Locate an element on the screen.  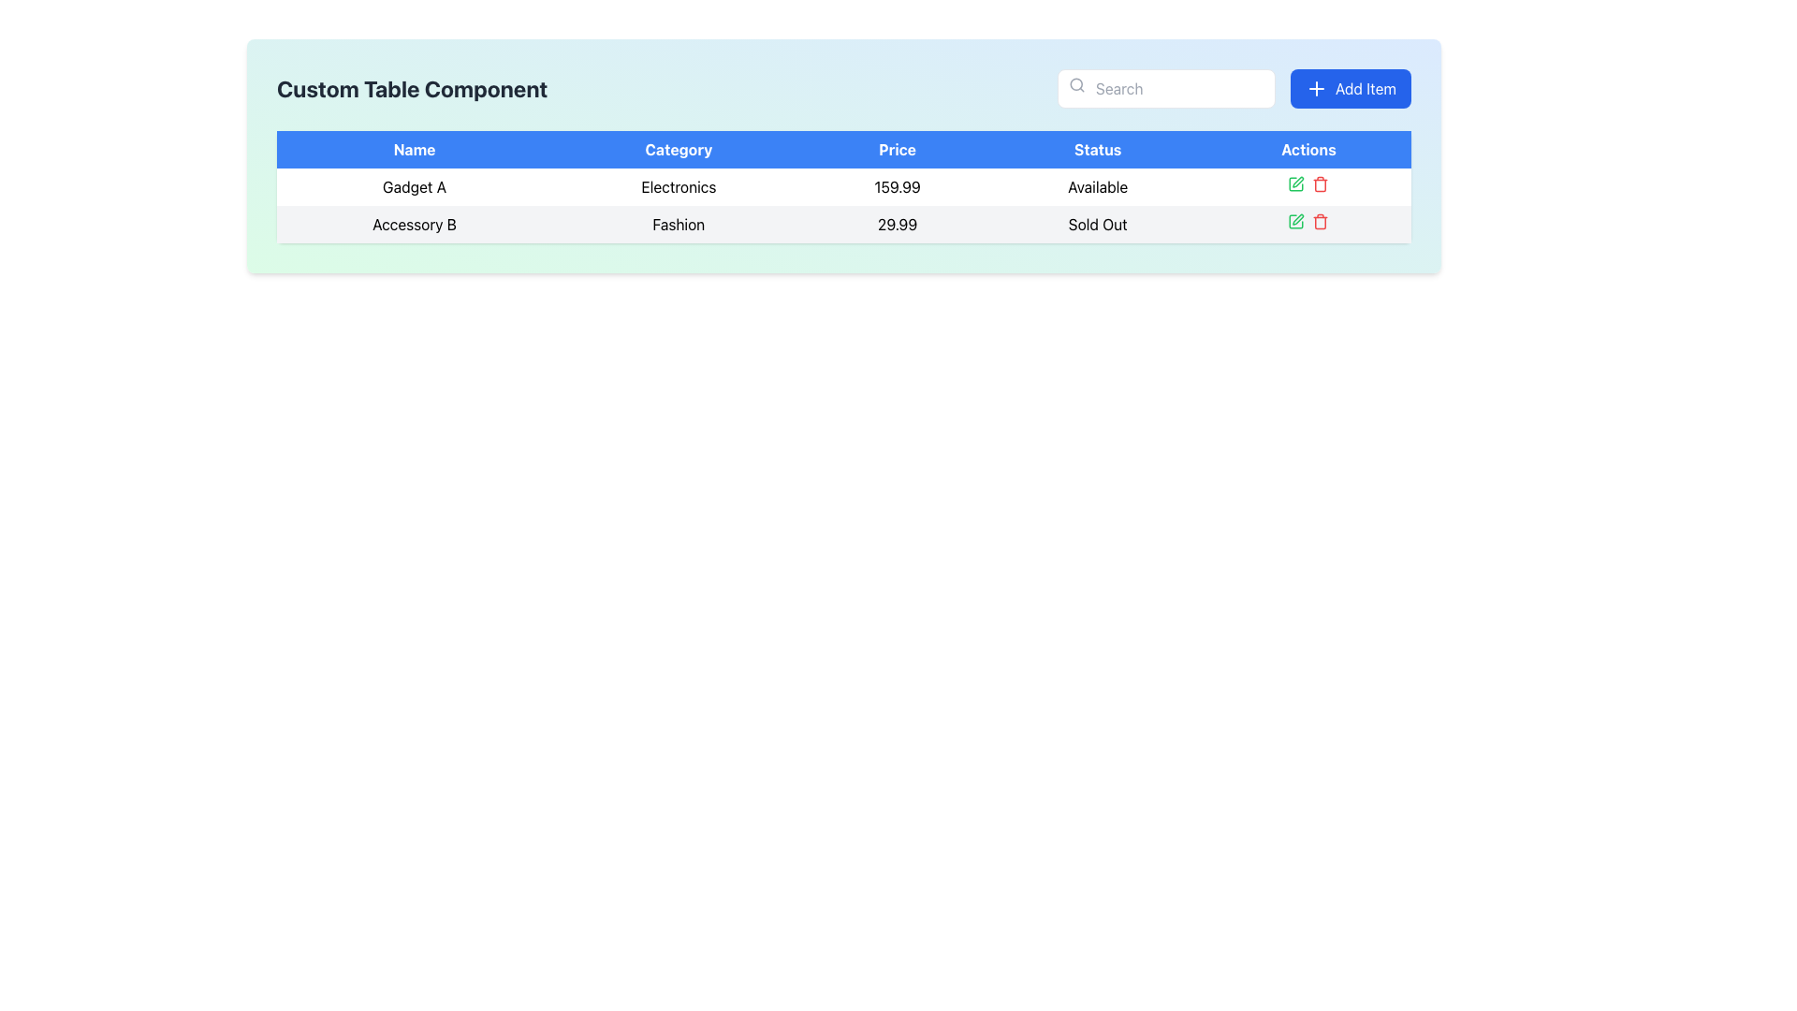
the pen tool icon button located in the 'Actions' column of the second row of the table is located at coordinates (1297, 218).